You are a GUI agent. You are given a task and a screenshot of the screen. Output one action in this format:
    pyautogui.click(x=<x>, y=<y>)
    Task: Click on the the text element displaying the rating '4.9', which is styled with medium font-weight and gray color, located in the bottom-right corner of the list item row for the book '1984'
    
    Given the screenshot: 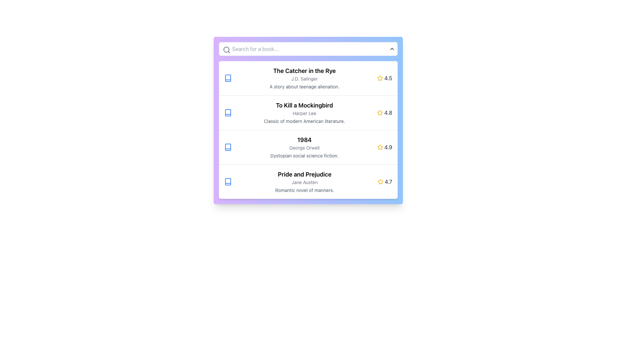 What is the action you would take?
    pyautogui.click(x=388, y=147)
    